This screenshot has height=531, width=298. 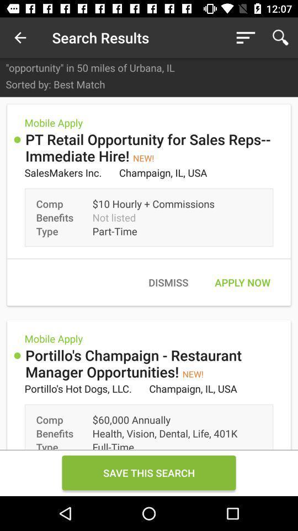 What do you see at coordinates (242, 282) in the screenshot?
I see `item on the right` at bounding box center [242, 282].